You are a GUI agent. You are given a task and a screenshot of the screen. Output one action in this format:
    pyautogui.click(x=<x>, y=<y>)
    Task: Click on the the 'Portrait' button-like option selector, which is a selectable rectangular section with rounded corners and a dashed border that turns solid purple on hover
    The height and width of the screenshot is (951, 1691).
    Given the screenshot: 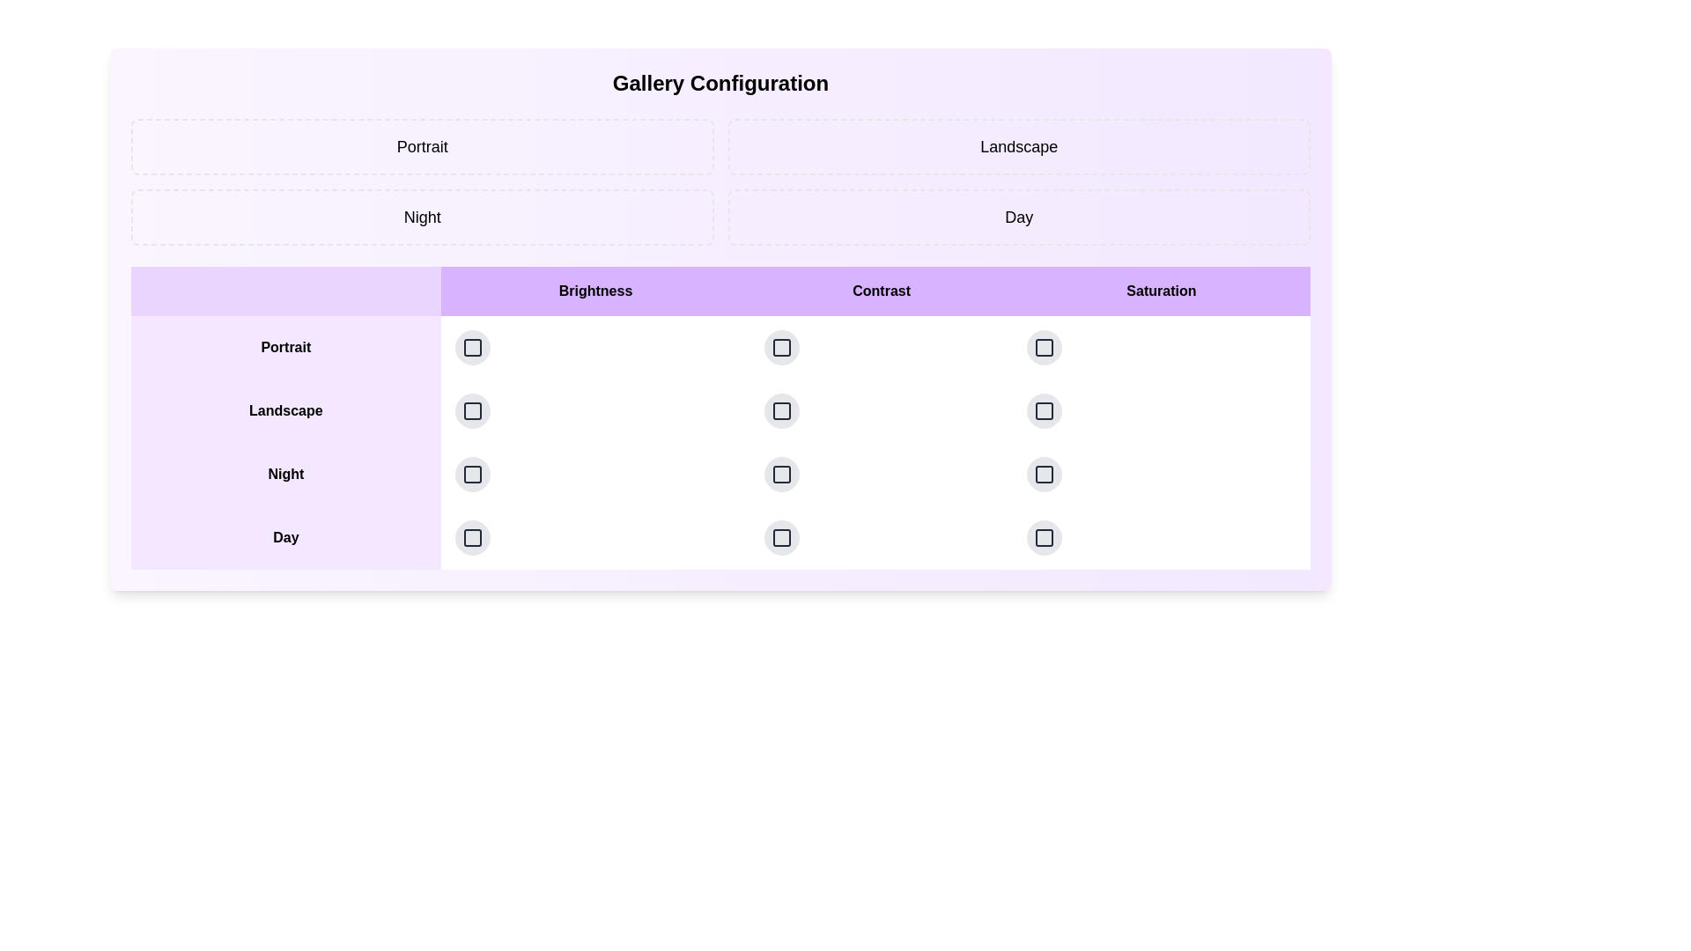 What is the action you would take?
    pyautogui.click(x=421, y=145)
    